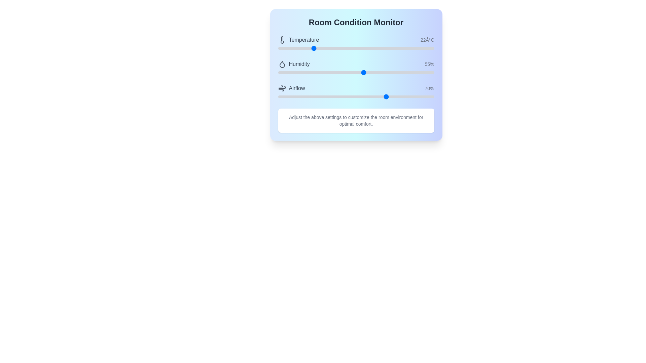 The image size is (646, 363). What do you see at coordinates (329, 73) in the screenshot?
I see `the humidity level` at bounding box center [329, 73].